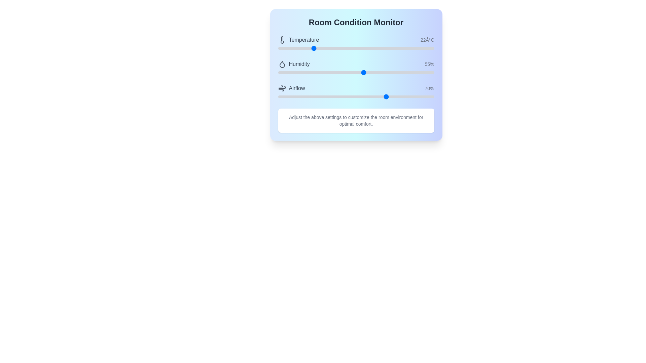 The image size is (646, 363). What do you see at coordinates (329, 73) in the screenshot?
I see `the humidity level` at bounding box center [329, 73].